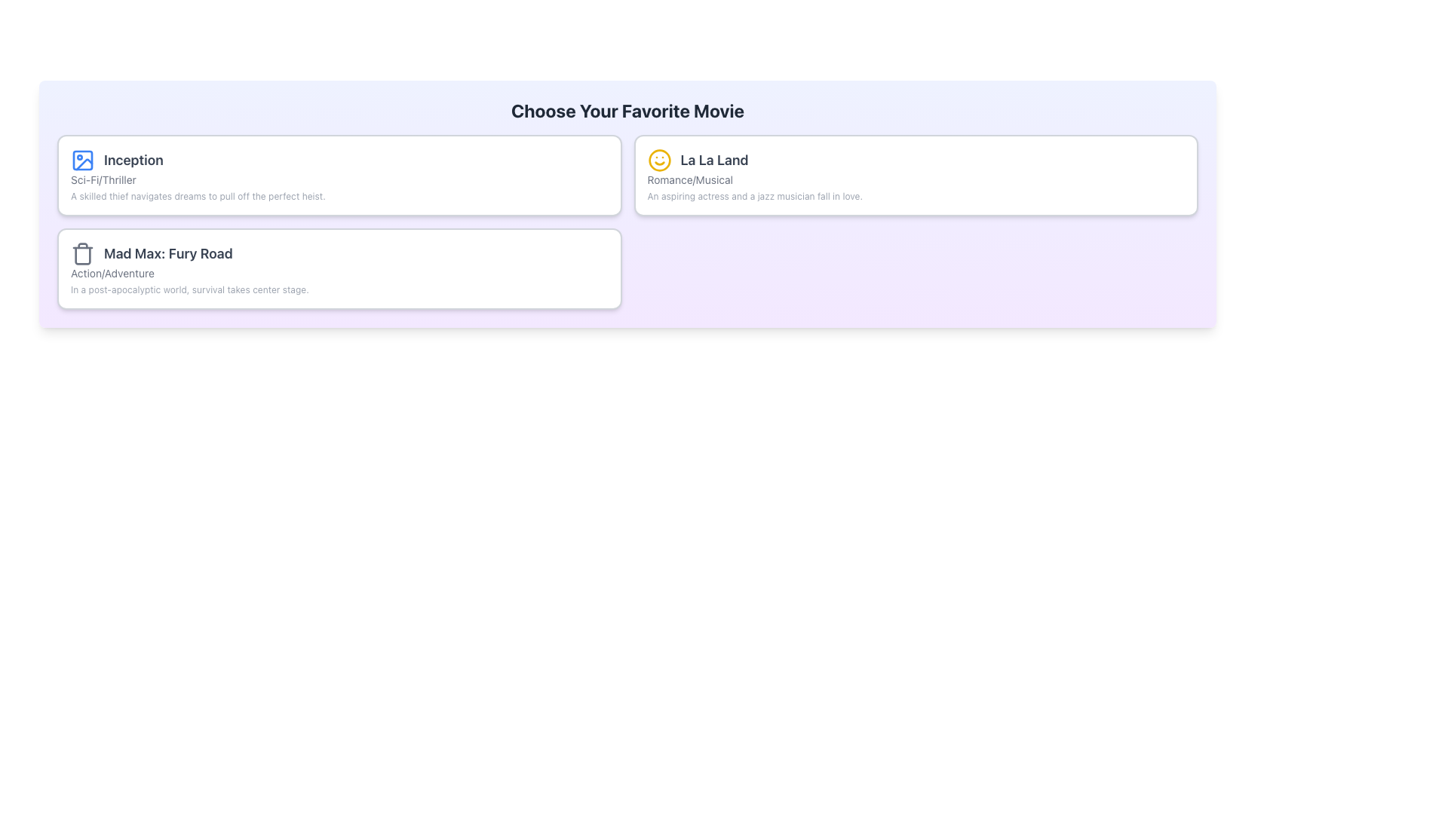 Image resolution: width=1448 pixels, height=814 pixels. What do you see at coordinates (713, 160) in the screenshot?
I see `the title text display of the movie 'La La Land', located in the third card, to the right of the smiley face emoji` at bounding box center [713, 160].